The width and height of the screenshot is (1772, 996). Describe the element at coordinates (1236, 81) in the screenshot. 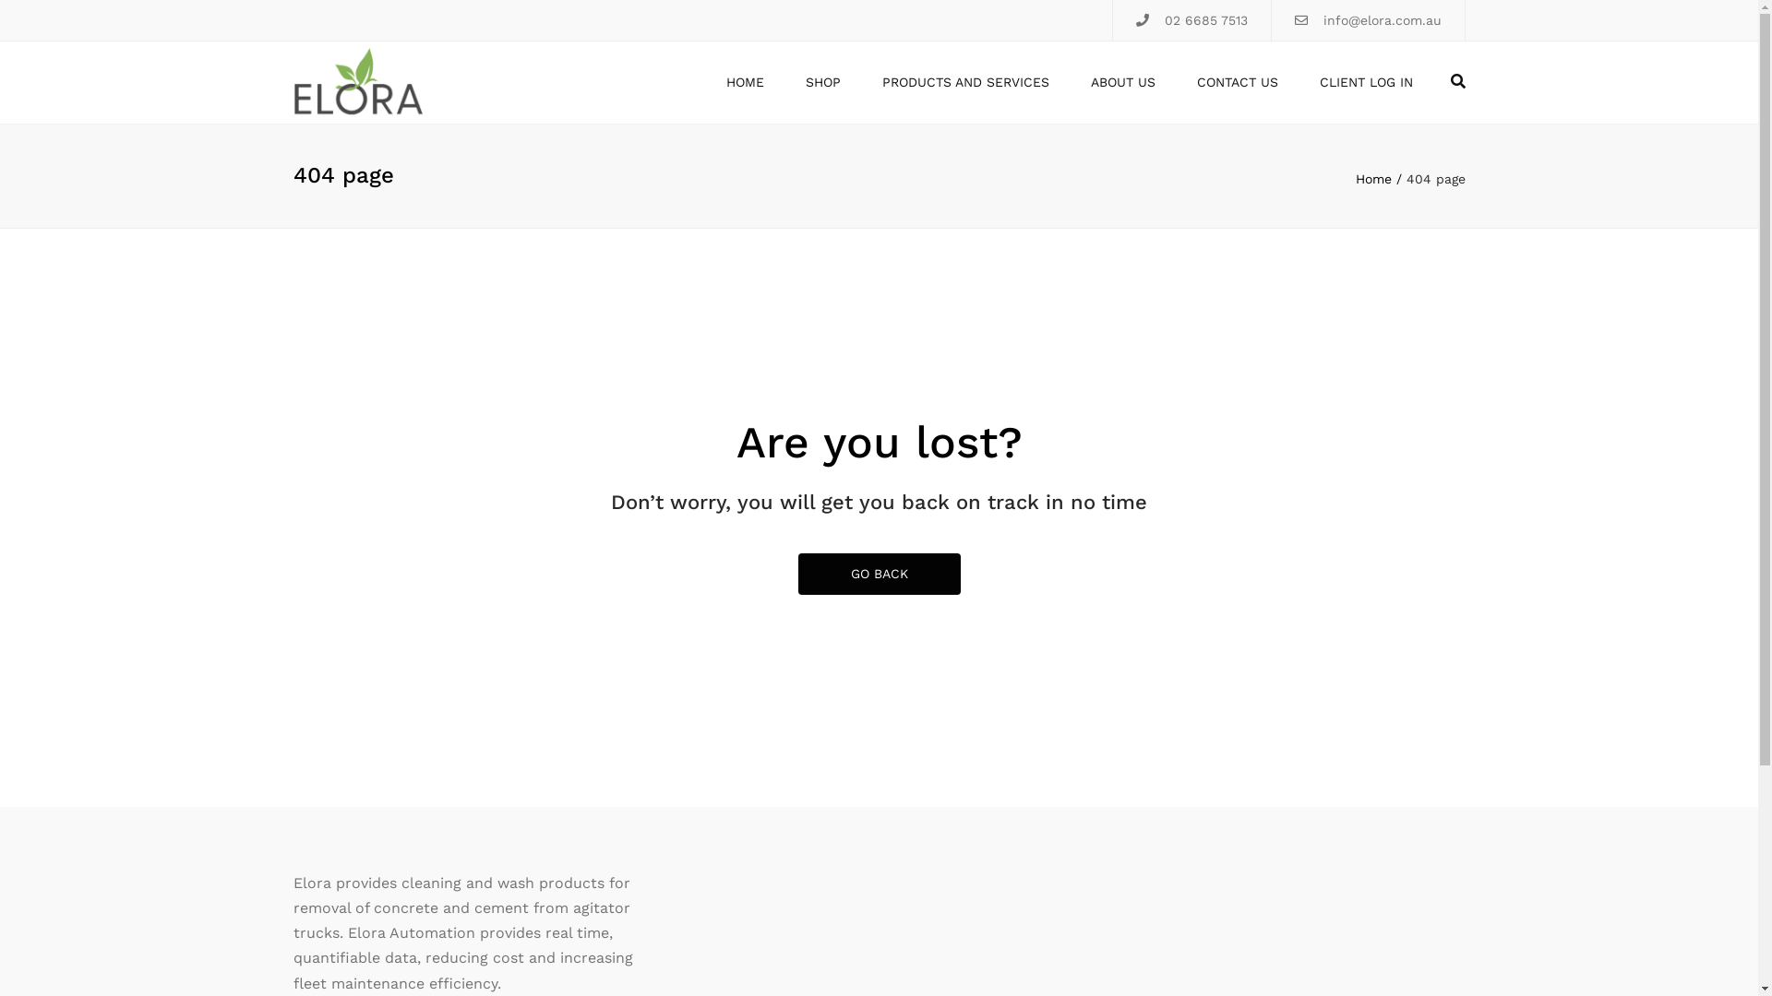

I see `'CONTACT US'` at that location.